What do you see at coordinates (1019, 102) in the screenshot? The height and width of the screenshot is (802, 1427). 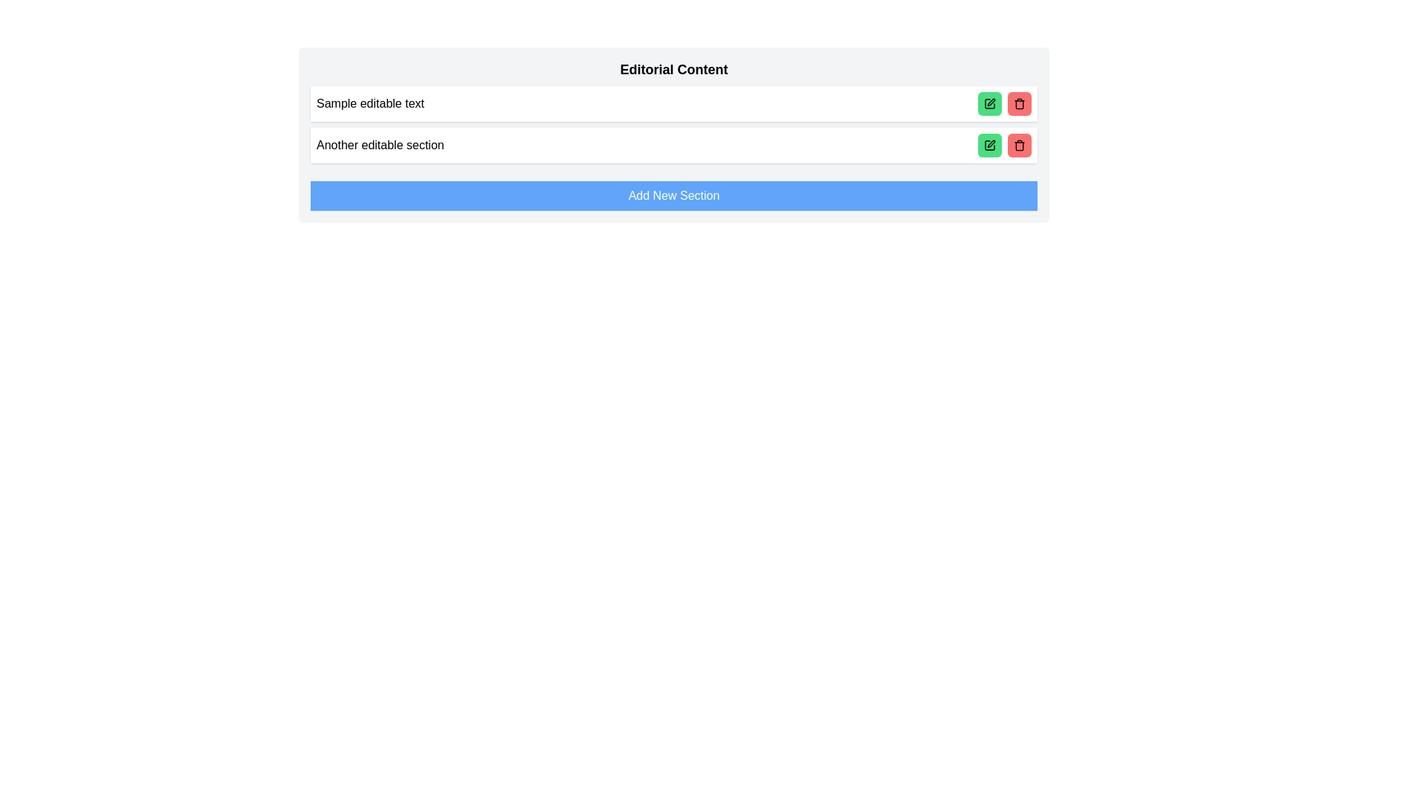 I see `the trash can icon button, which is styled with a red background and is located to the right of the editable text fields, adjacent to a green edit button` at bounding box center [1019, 102].